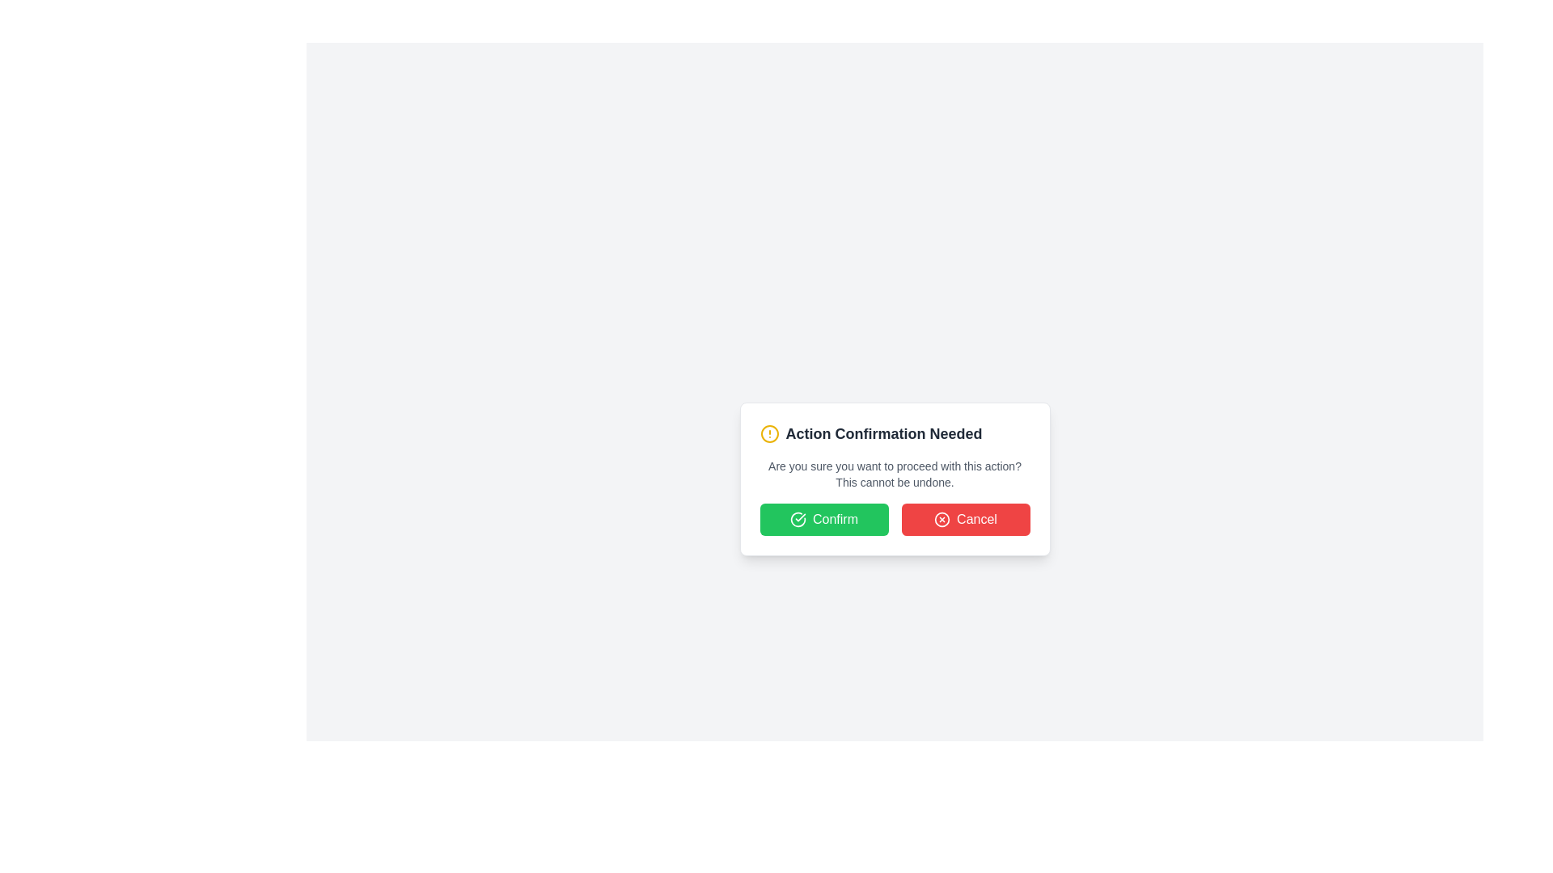  What do you see at coordinates (894, 473) in the screenshot?
I see `the informational text providing a warning about the seriousness of the next action, located below the 'Action Confirmation Needed' text in the confirmation dialog box` at bounding box center [894, 473].